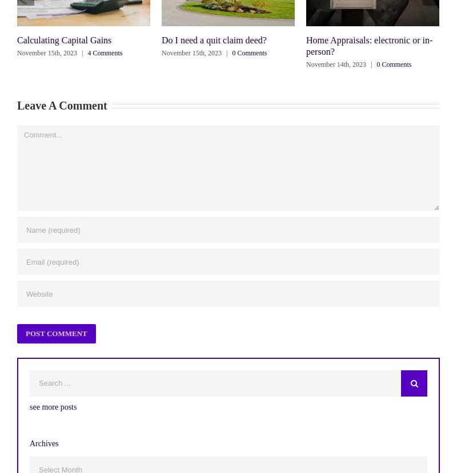 The height and width of the screenshot is (473, 457). Describe the element at coordinates (53, 406) in the screenshot. I see `'see more posts'` at that location.